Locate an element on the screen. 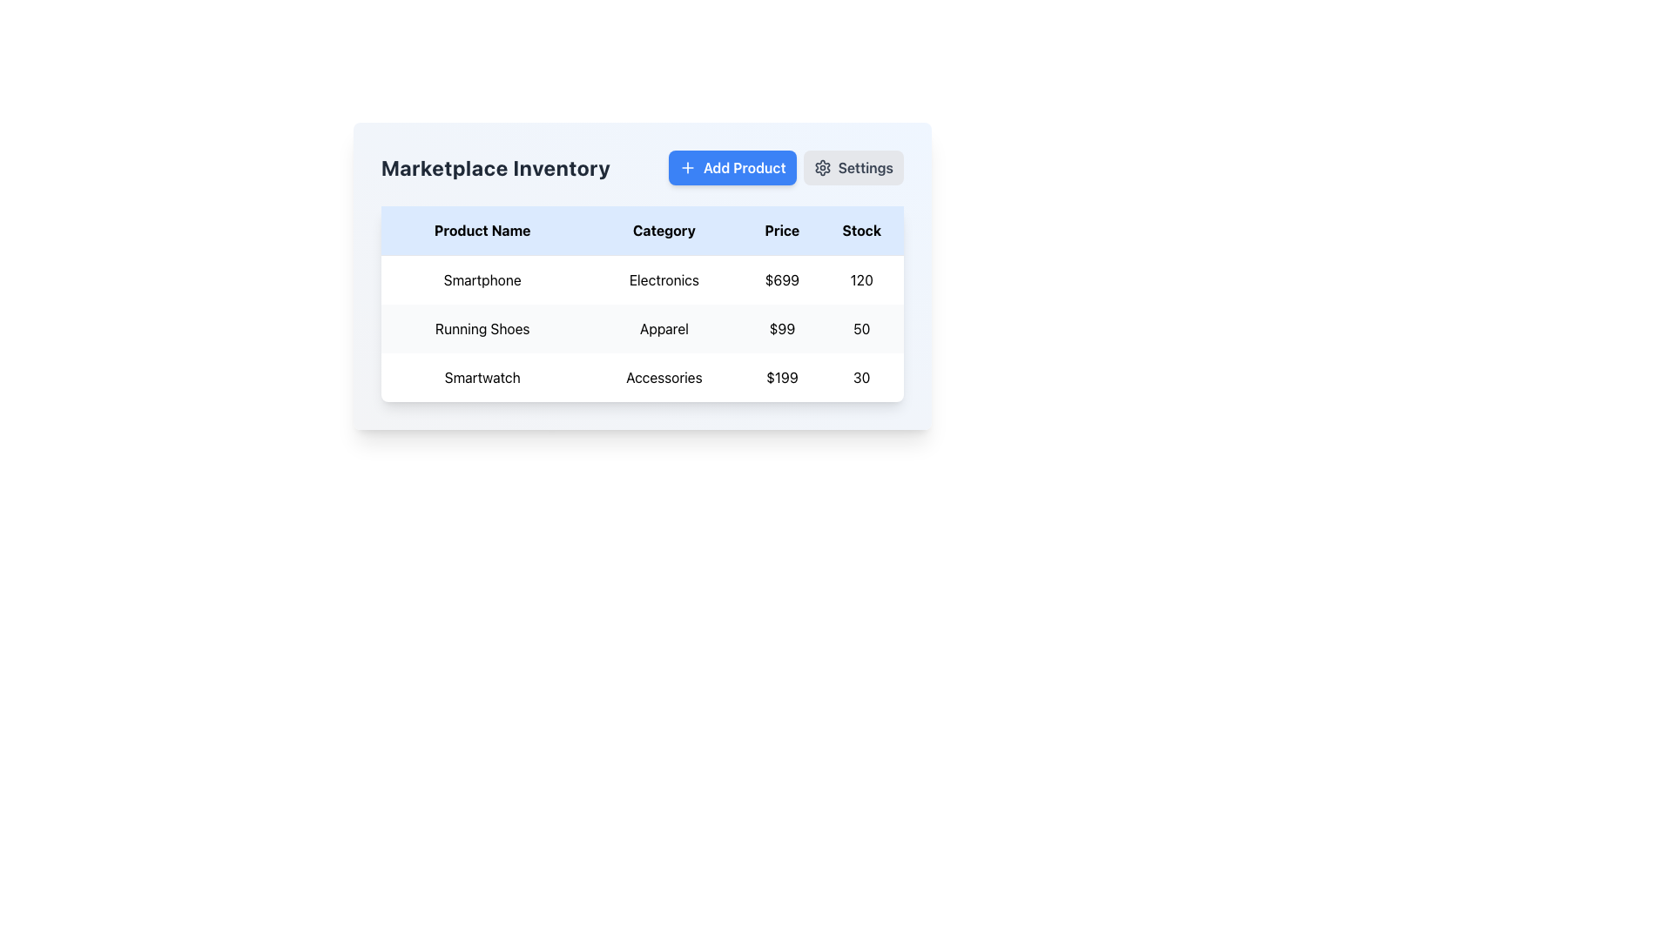 The image size is (1672, 940). the 'Accessories' text label is located at coordinates (663, 377).